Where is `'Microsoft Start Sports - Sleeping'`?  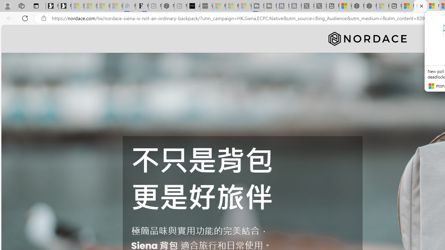
'Microsoft Start Sports - Sleeping' is located at coordinates (219, 6).